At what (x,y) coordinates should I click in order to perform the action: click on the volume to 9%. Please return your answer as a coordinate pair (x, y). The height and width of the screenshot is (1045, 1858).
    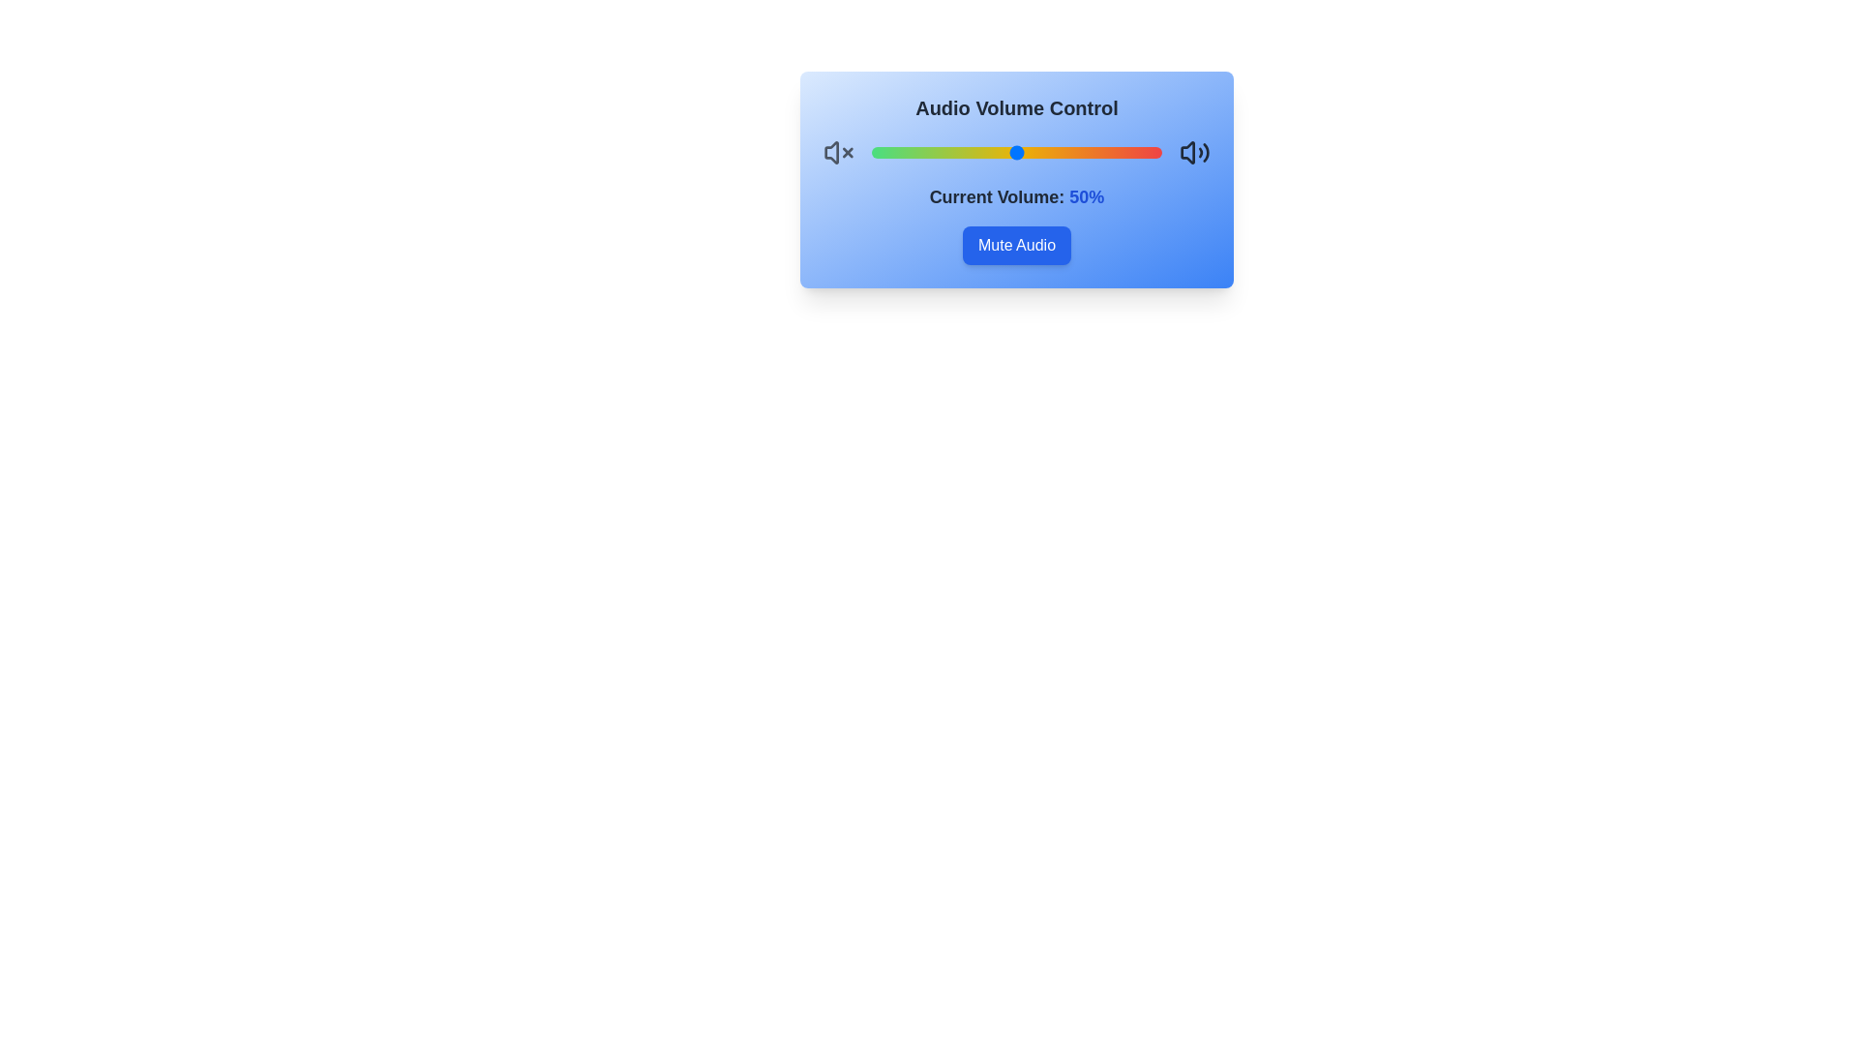
    Looking at the image, I should click on (896, 152).